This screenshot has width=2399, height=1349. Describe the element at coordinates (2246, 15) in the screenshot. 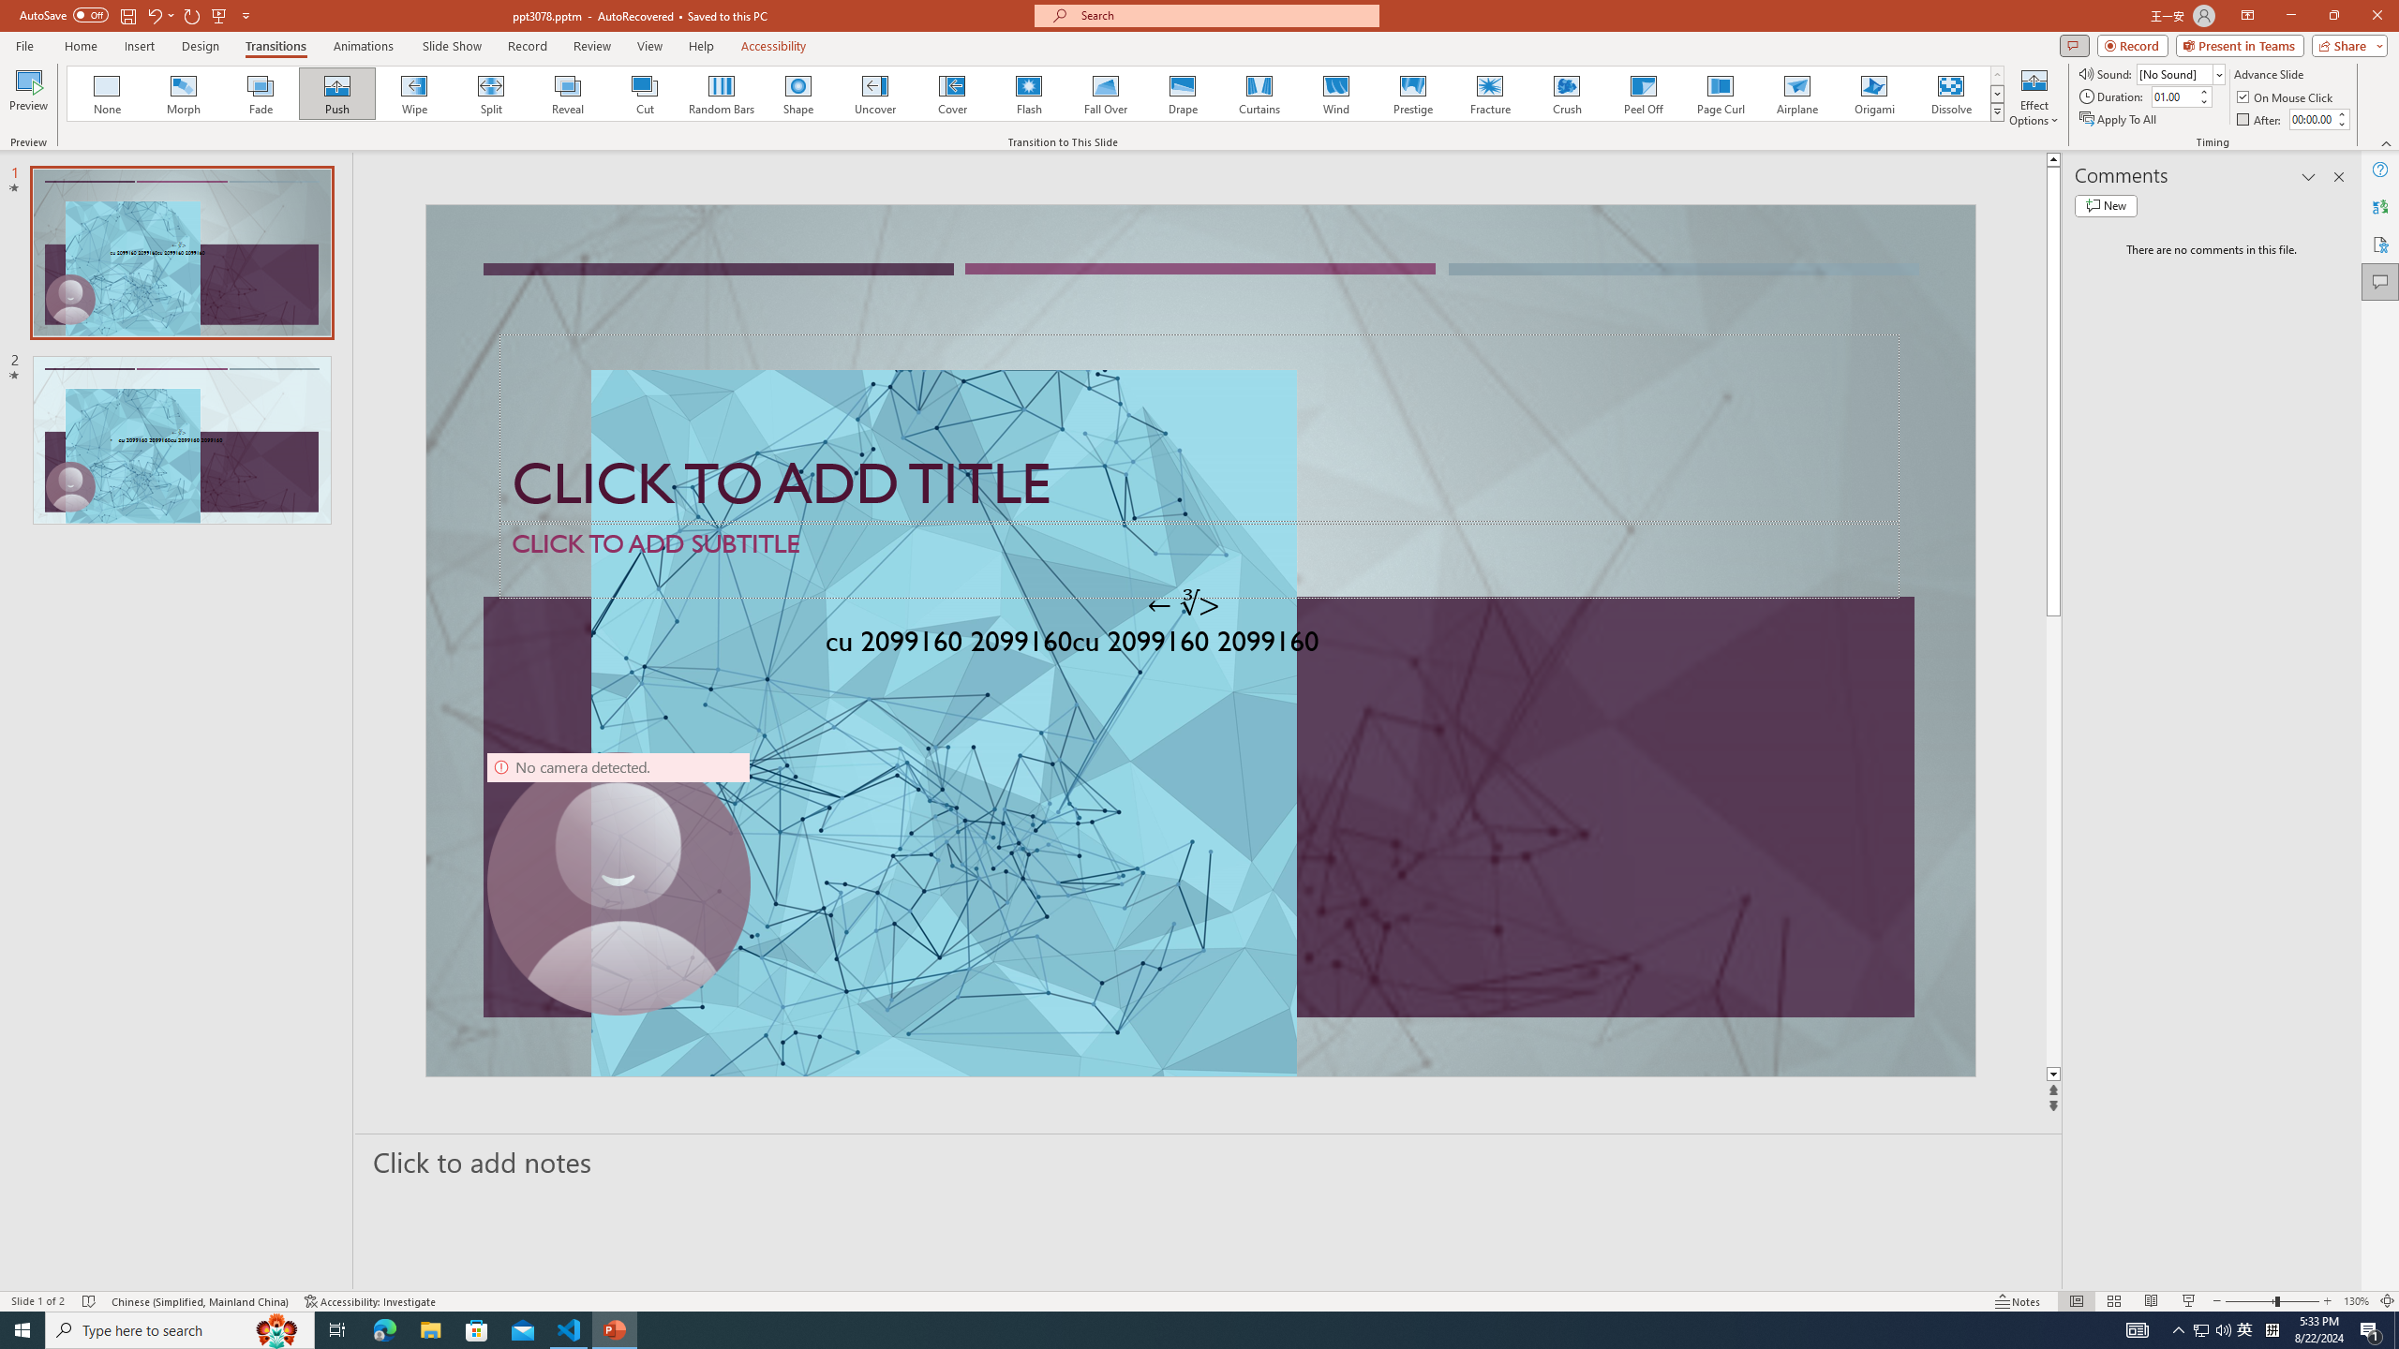

I see `'Ribbon Display Options'` at that location.